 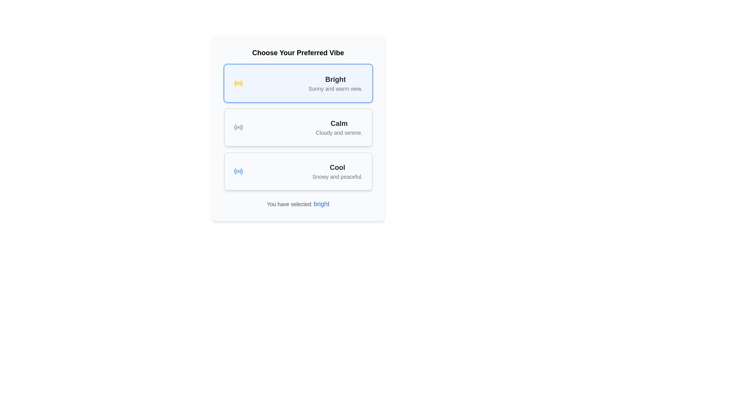 I want to click on the interactive card labeled 'Calm', so click(x=298, y=127).